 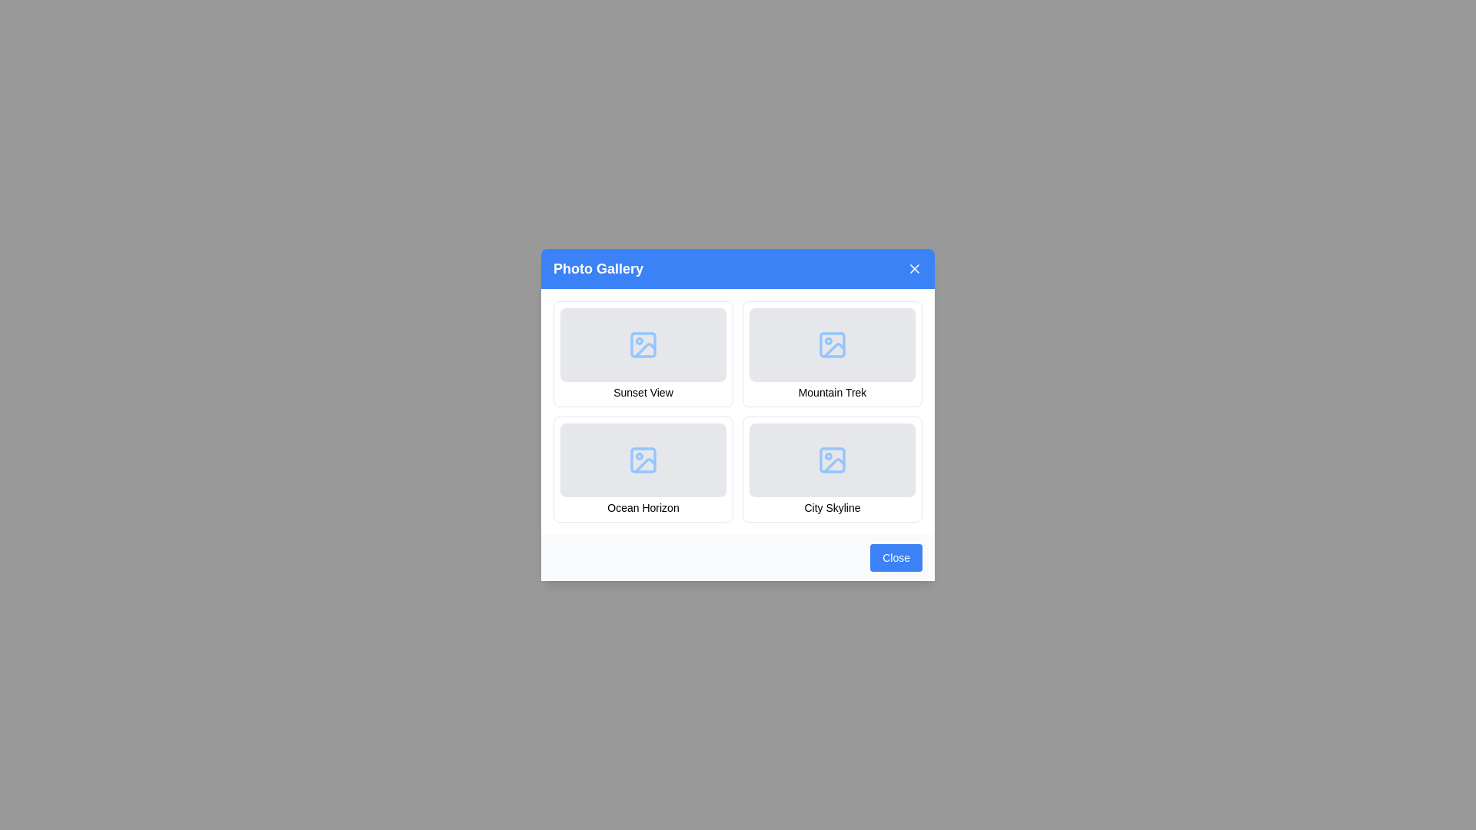 I want to click on the static text label that provides contextual information about the associated photo preview, located in the bottom-left slot of the photo preview grid, so click(x=643, y=507).